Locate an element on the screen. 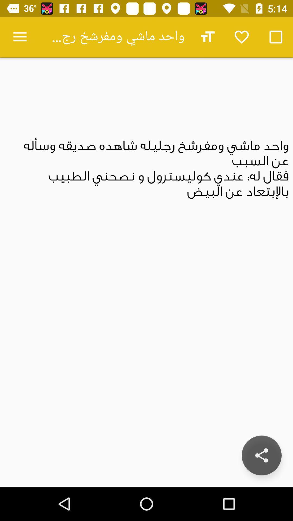 This screenshot has width=293, height=521. the item at the top left corner is located at coordinates (20, 37).